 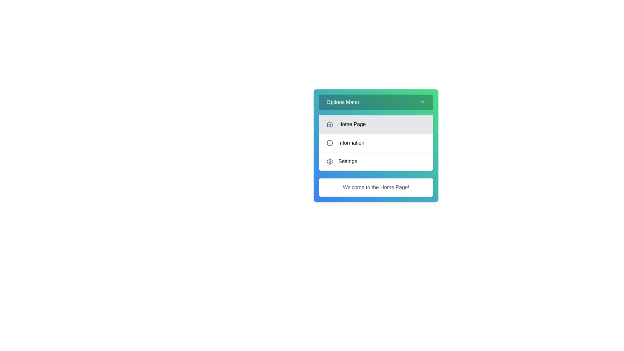 I want to click on the 'Options Menu' dropdown menu trigger bar, so click(x=376, y=102).